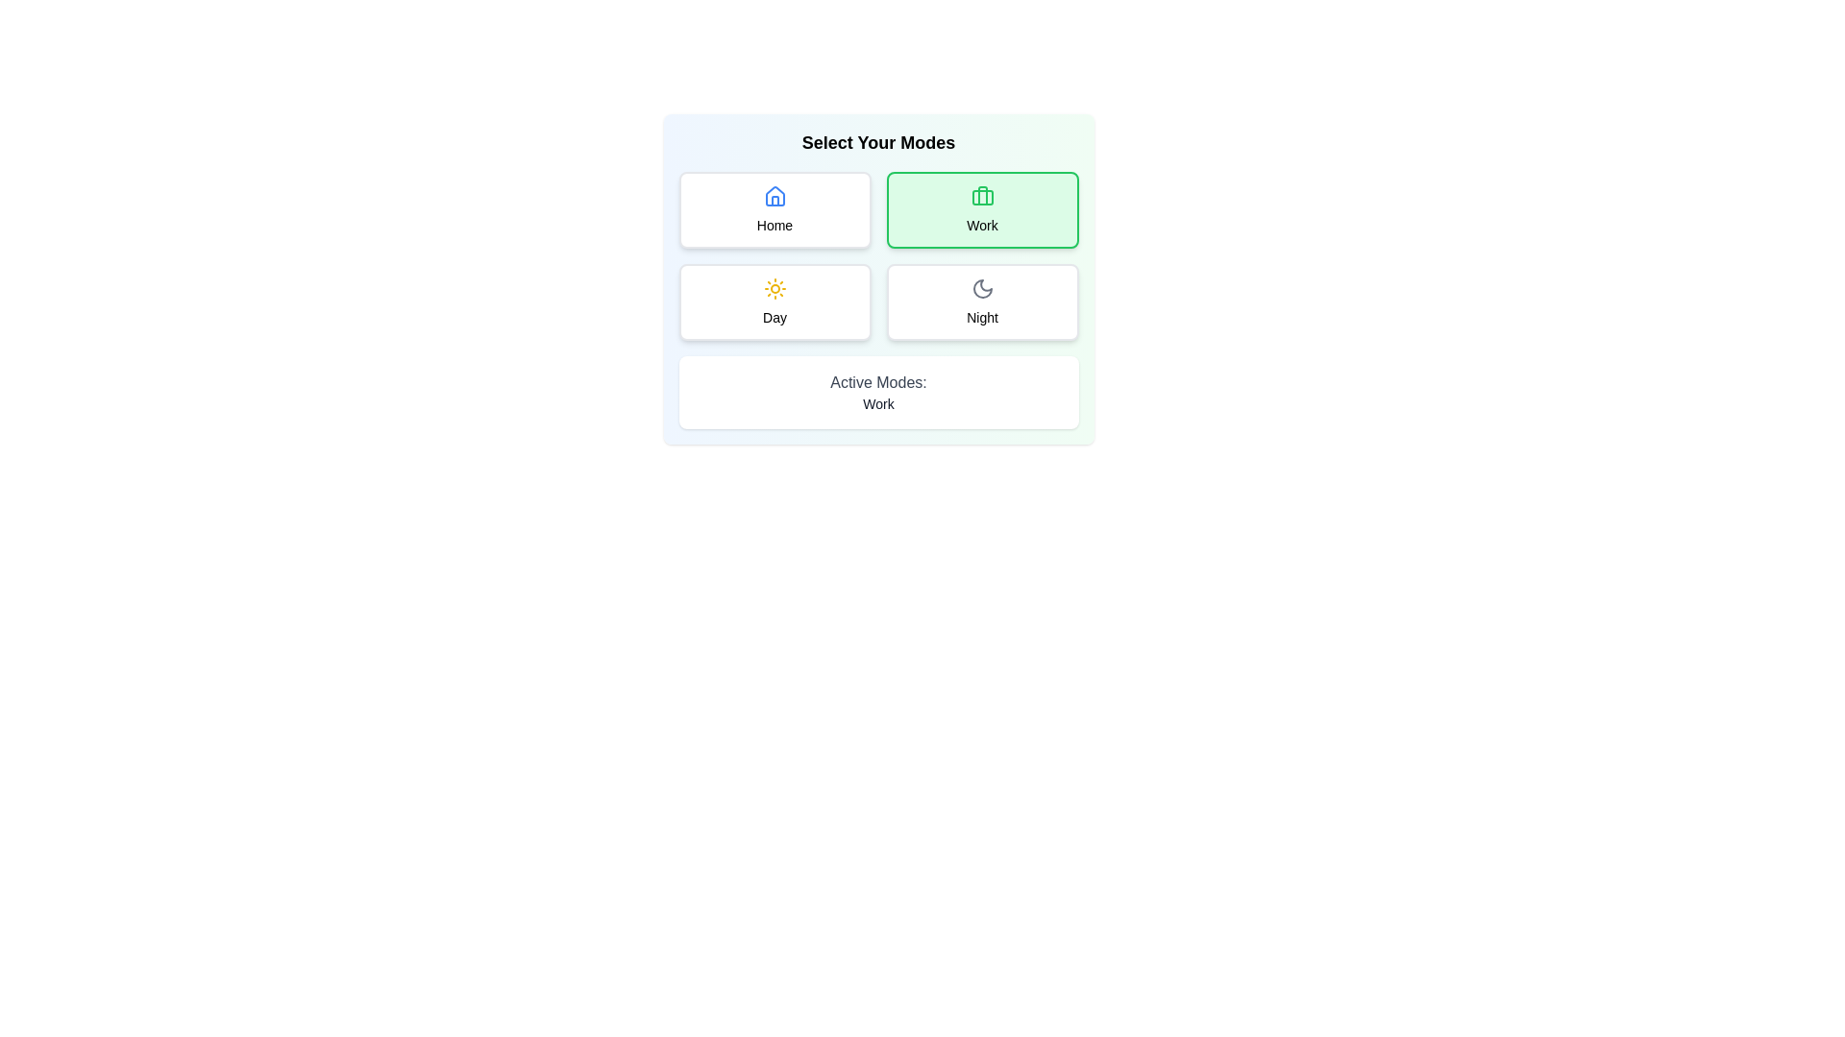 This screenshot has height=1037, width=1845. I want to click on the mode Work by clicking its corresponding button, so click(982, 210).